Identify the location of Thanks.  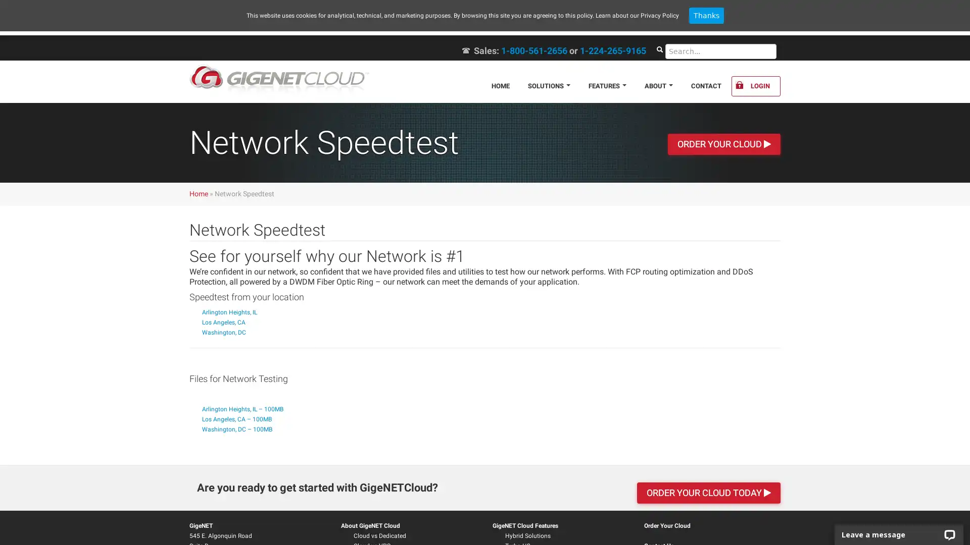
(705, 15).